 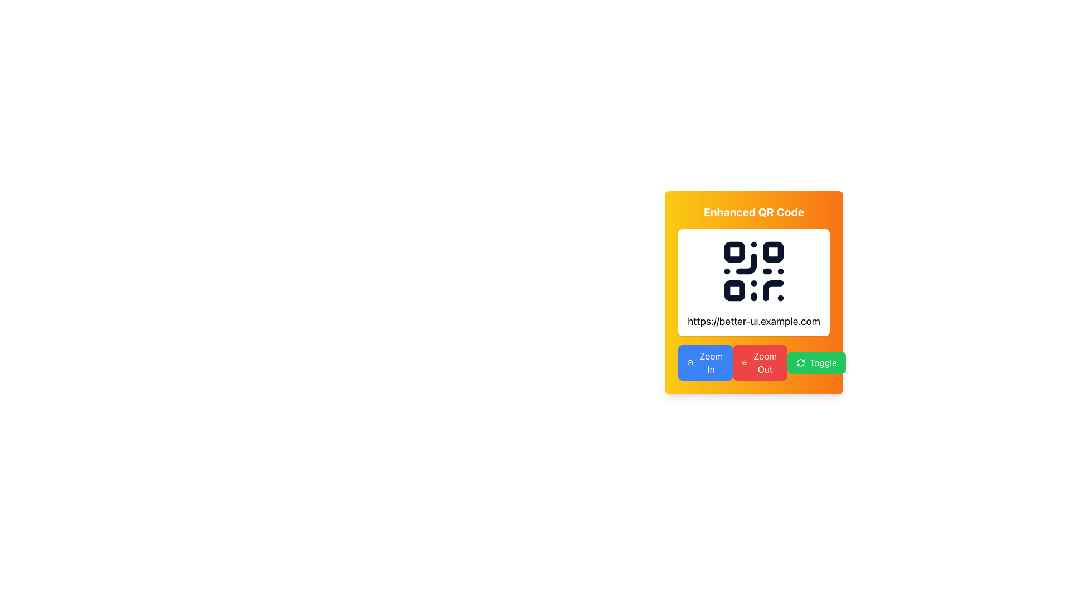 What do you see at coordinates (754, 271) in the screenshot?
I see `the Graphic (QR Code) element, which is a black QR code on a white background, located within the 'Enhanced QR Code' area with a yellow background` at bounding box center [754, 271].